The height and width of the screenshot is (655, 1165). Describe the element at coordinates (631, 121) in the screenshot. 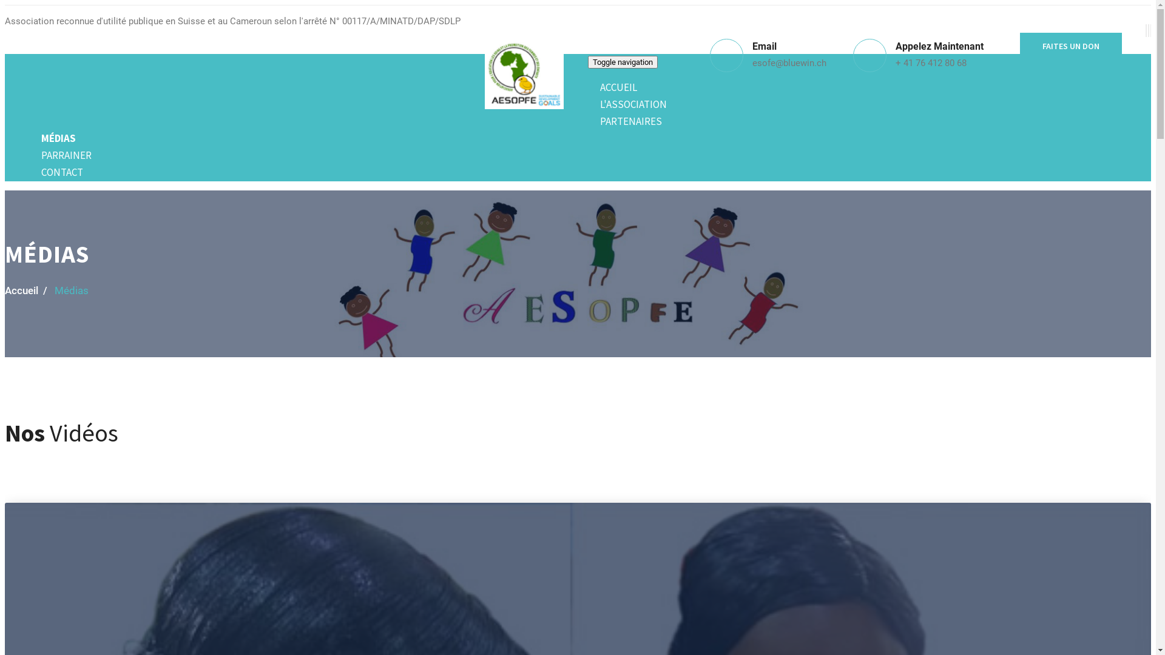

I see `'PARTENAIRES'` at that location.